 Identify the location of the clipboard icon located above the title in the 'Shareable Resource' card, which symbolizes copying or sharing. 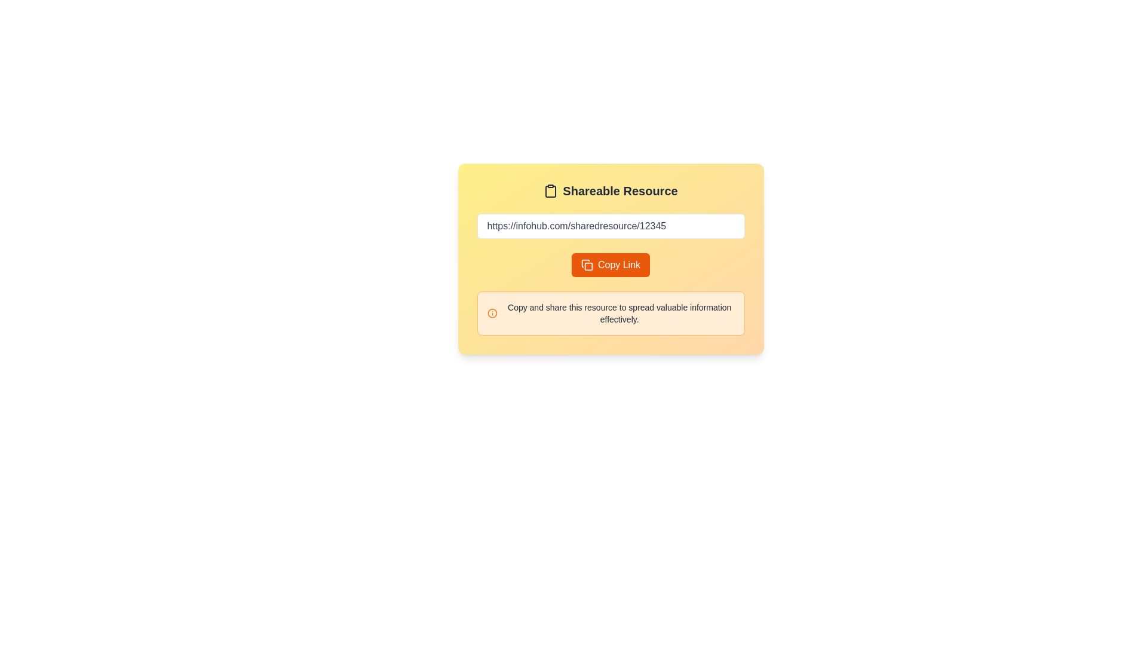
(550, 191).